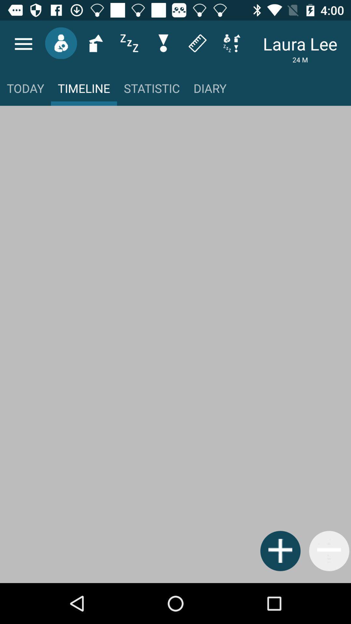 The image size is (351, 624). What do you see at coordinates (329, 551) in the screenshot?
I see `the zoom_out icon` at bounding box center [329, 551].